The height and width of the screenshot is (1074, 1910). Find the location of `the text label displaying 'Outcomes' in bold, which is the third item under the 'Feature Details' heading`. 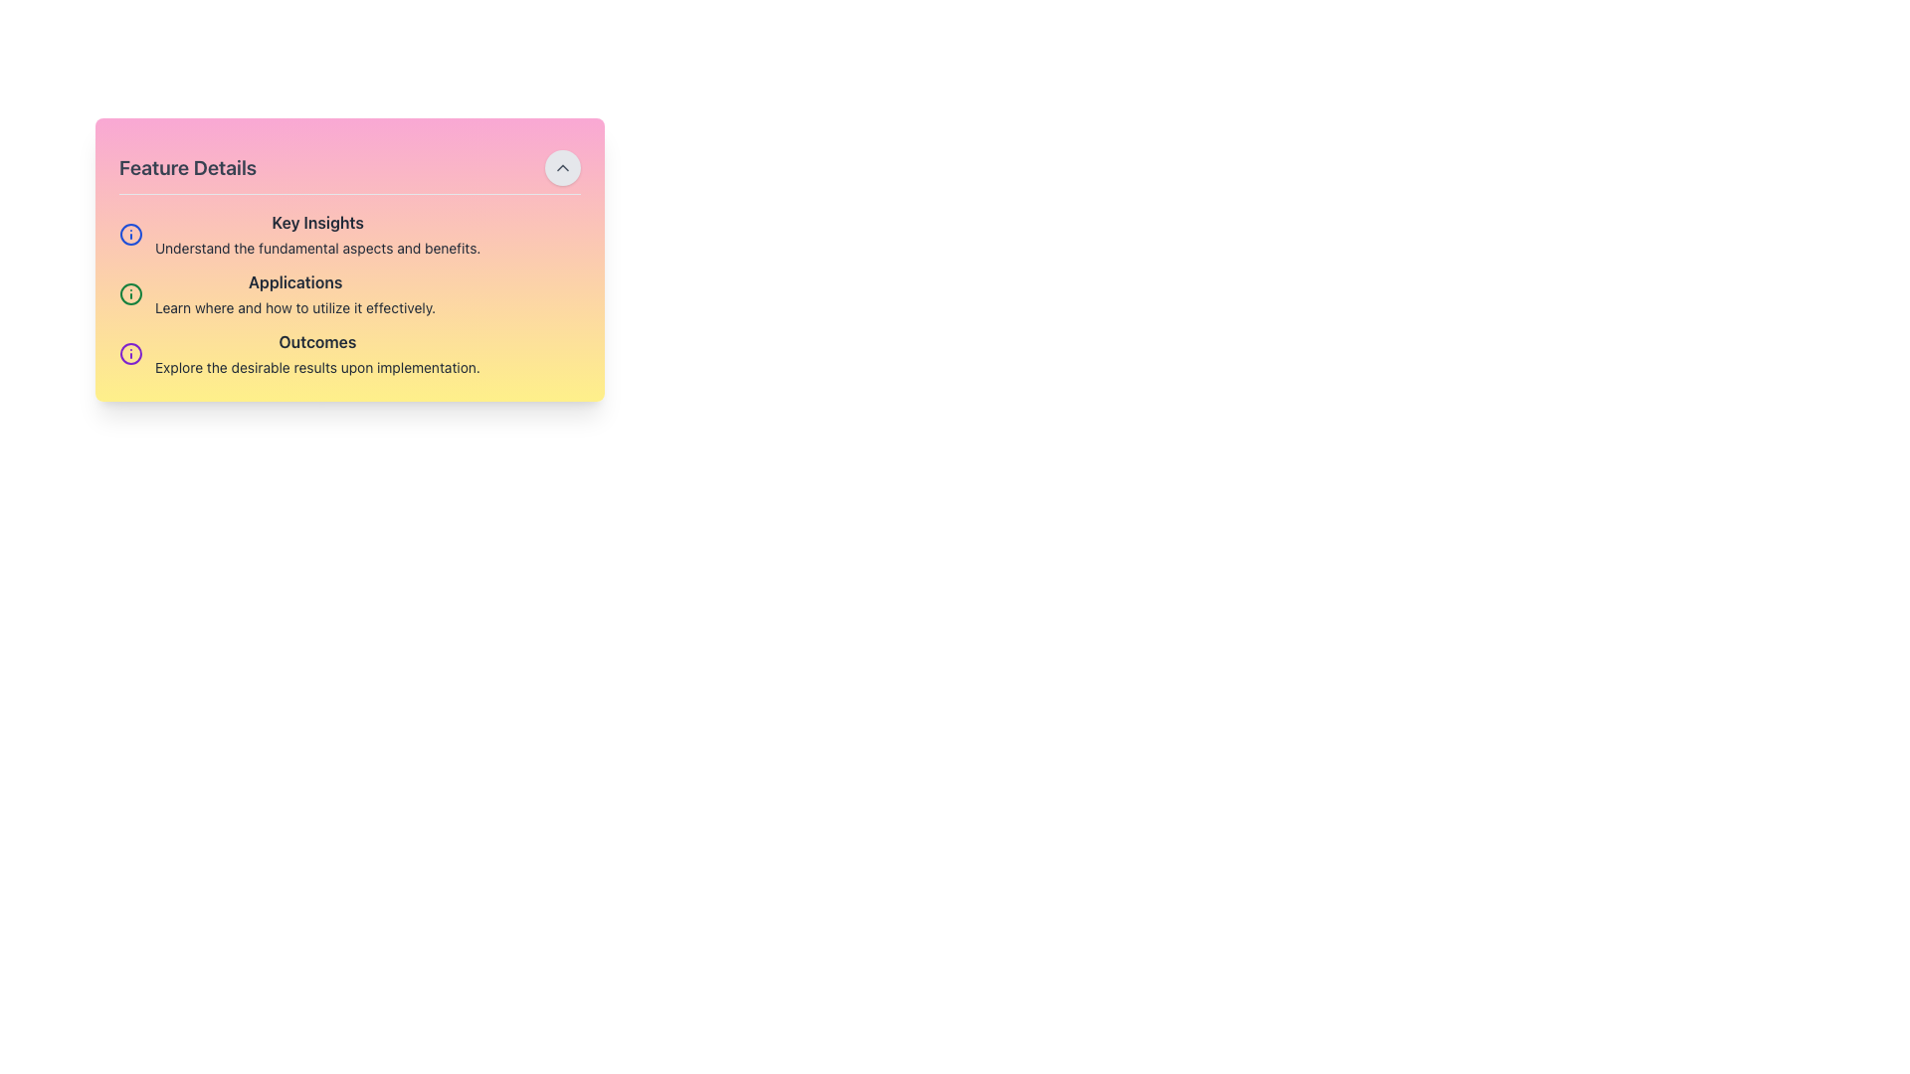

the text label displaying 'Outcomes' in bold, which is the third item under the 'Feature Details' heading is located at coordinates (316, 340).